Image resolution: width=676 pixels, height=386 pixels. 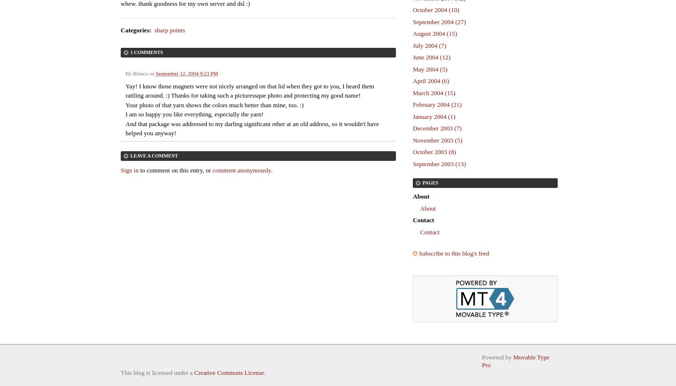 What do you see at coordinates (264, 372) in the screenshot?
I see `'.'` at bounding box center [264, 372].